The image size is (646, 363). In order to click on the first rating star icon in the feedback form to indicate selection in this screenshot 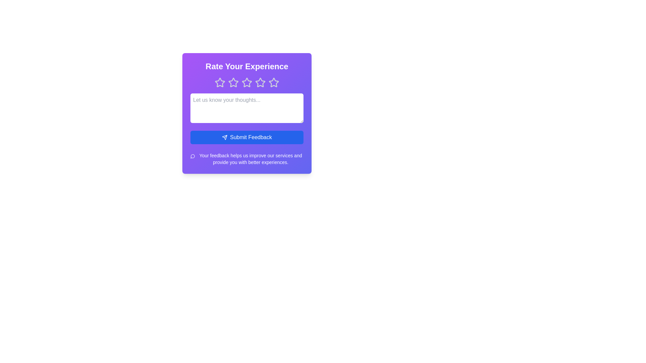, I will do `click(220, 82)`.